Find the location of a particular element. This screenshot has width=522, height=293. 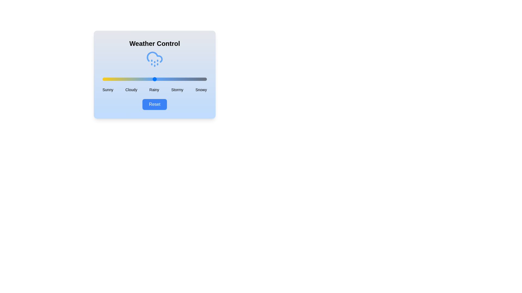

the weather condition slider to 24 is located at coordinates (127, 79).